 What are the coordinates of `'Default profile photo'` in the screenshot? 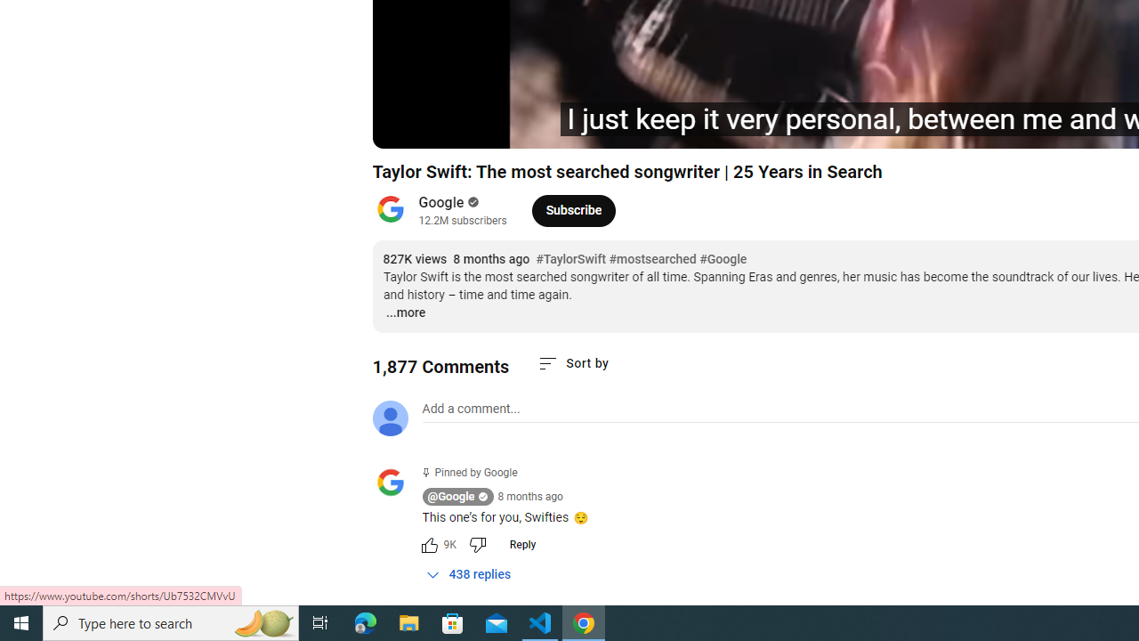 It's located at (390, 418).